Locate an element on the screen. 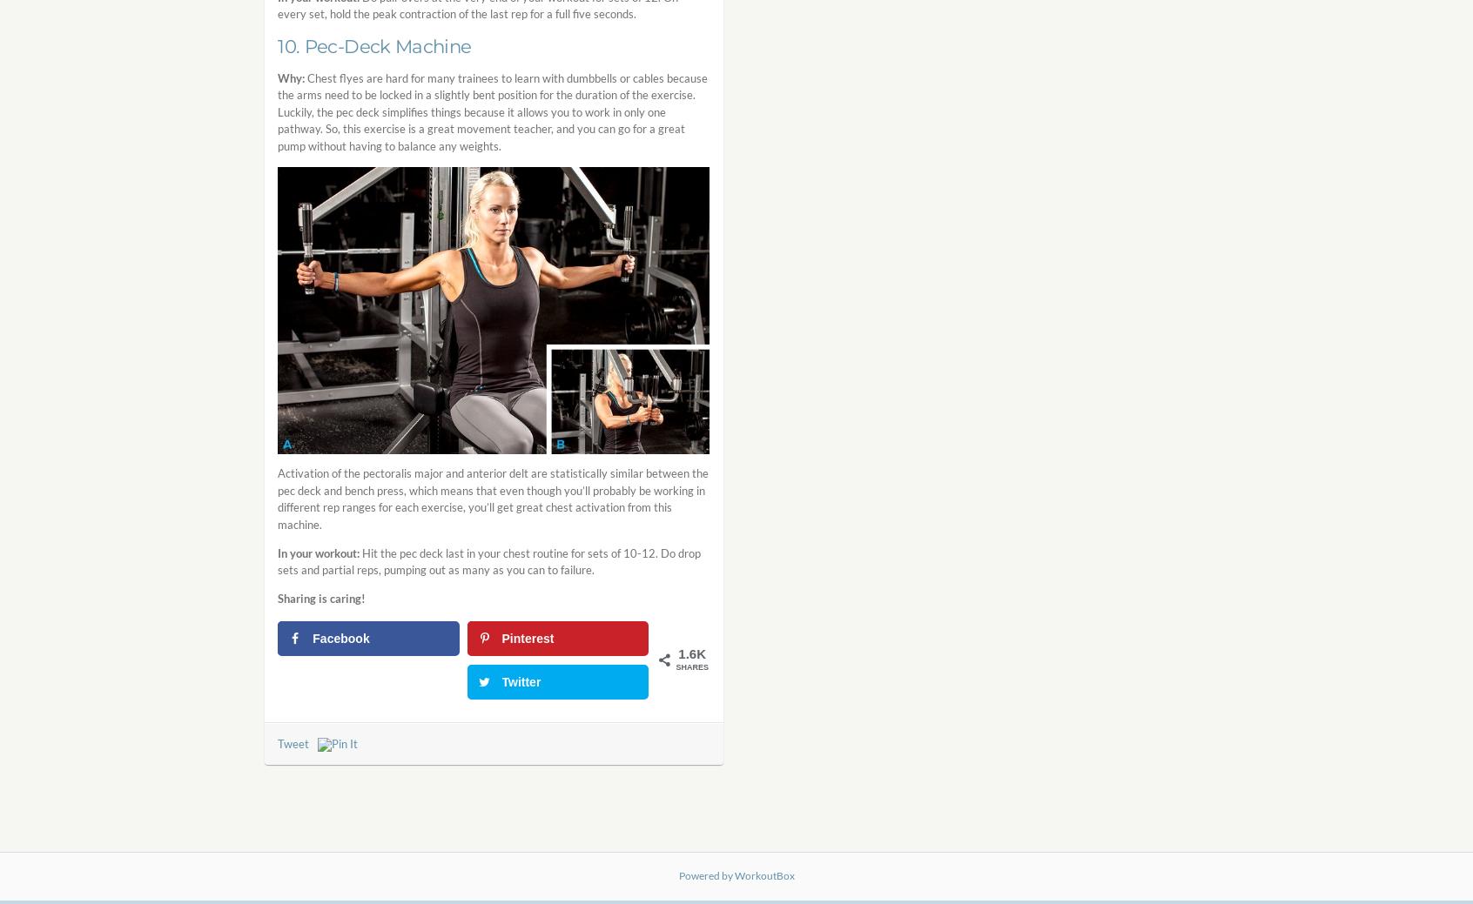  'Powered by WorkoutBox' is located at coordinates (736, 875).